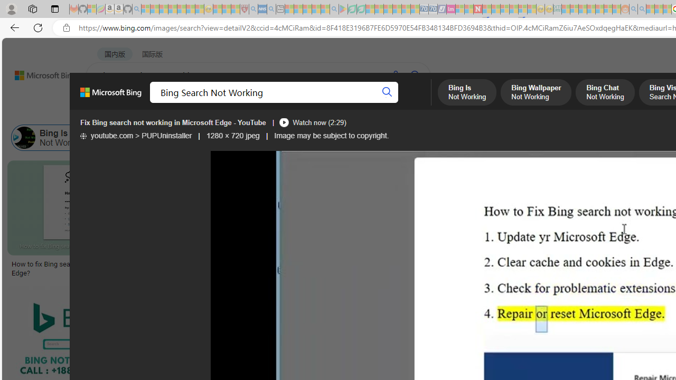  What do you see at coordinates (39, 72) in the screenshot?
I see `'Back to Bing search'` at bounding box center [39, 72].